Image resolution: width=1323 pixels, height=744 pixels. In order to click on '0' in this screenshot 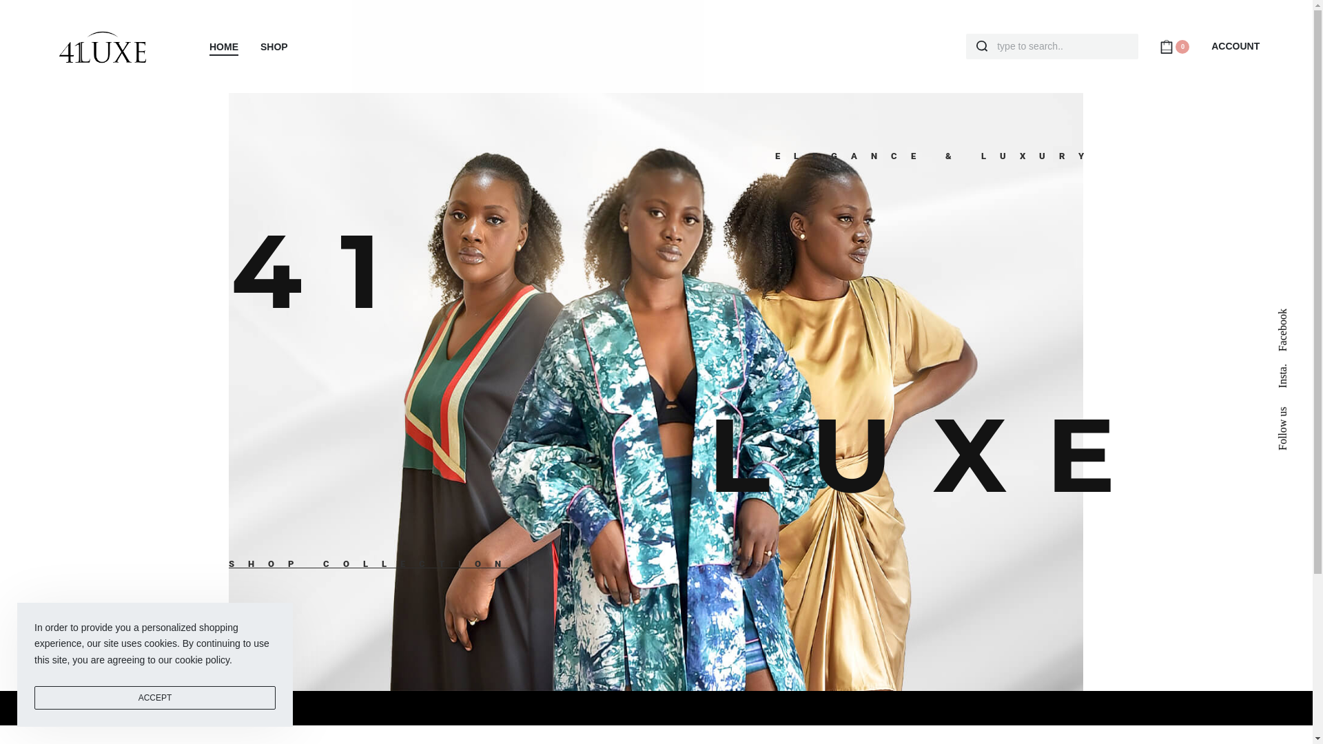, I will do `click(1173, 45)`.